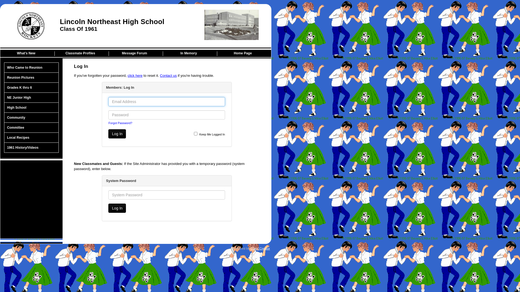  Describe the element at coordinates (108, 123) in the screenshot. I see `'Forgot Password?'` at that location.